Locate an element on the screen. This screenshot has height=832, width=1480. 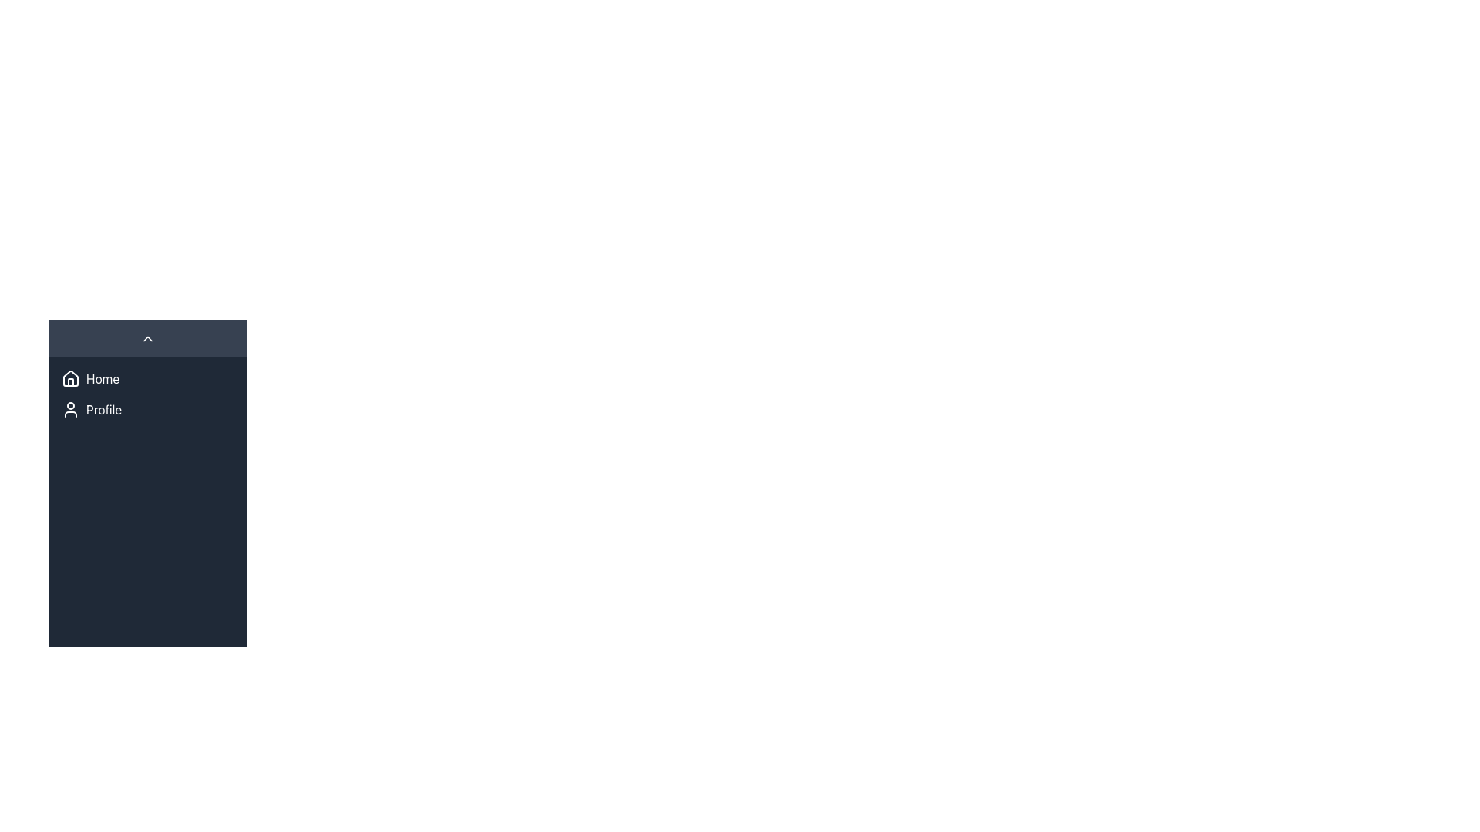
the 'Home' navigation label, which is positioned to the right of the house icon in the left navigation menu is located at coordinates (102, 379).